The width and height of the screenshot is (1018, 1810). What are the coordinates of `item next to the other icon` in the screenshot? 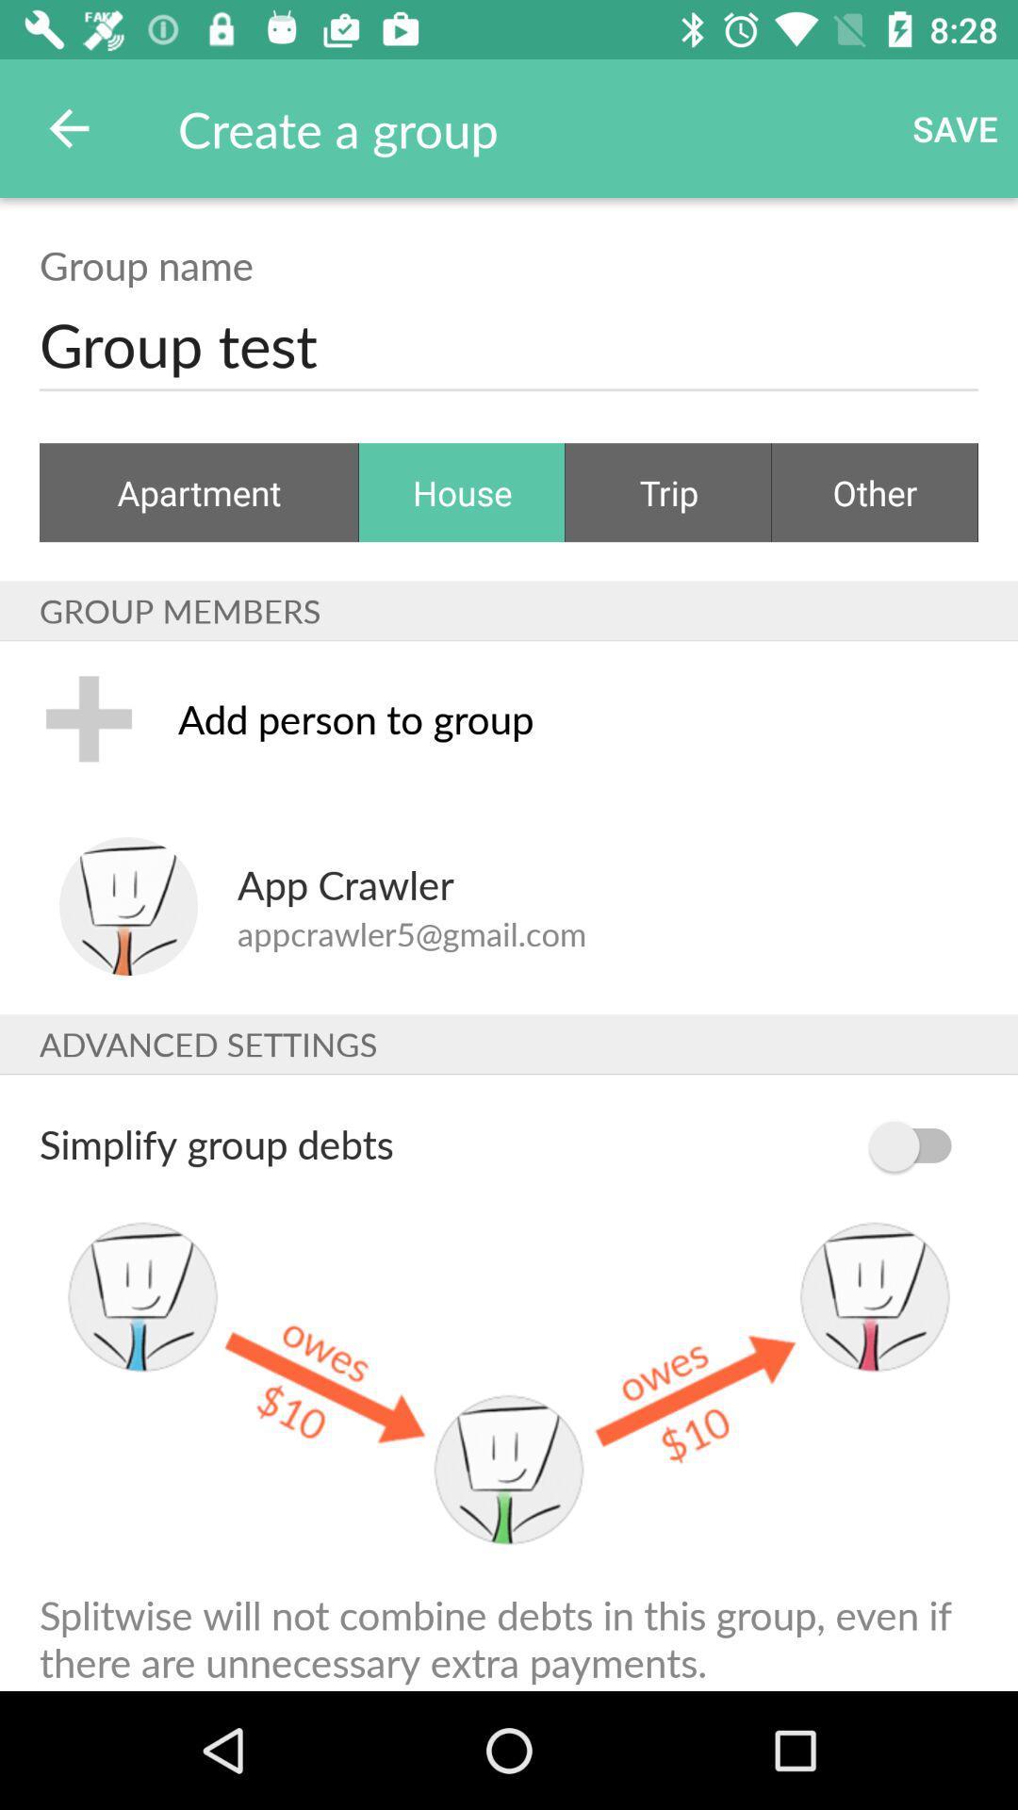 It's located at (667, 492).